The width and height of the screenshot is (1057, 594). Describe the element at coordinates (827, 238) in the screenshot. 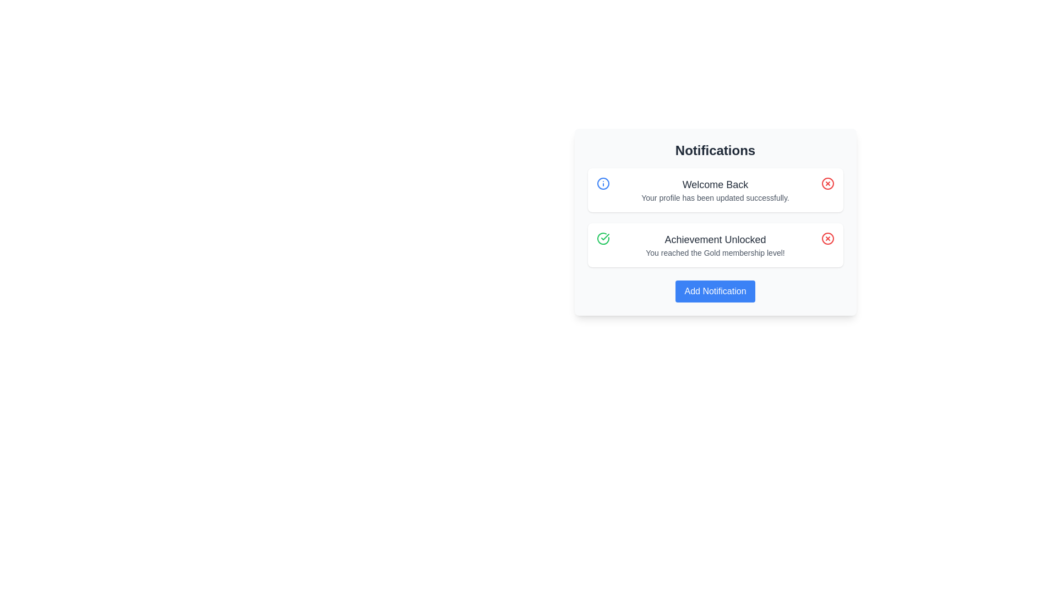

I see `the close button located at the far right side of the notification titled 'Achievement Unlocked' to trigger hover effects` at that location.